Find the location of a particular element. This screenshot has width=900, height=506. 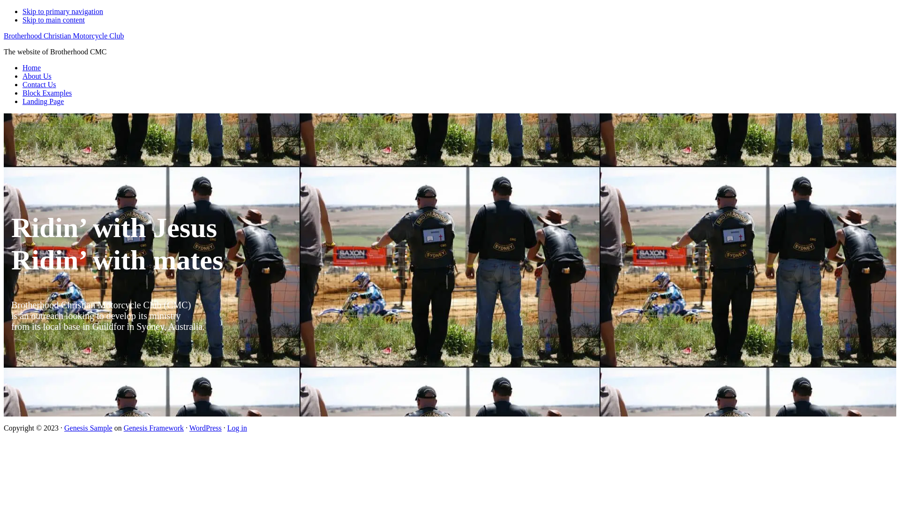

'Home' is located at coordinates (22, 67).